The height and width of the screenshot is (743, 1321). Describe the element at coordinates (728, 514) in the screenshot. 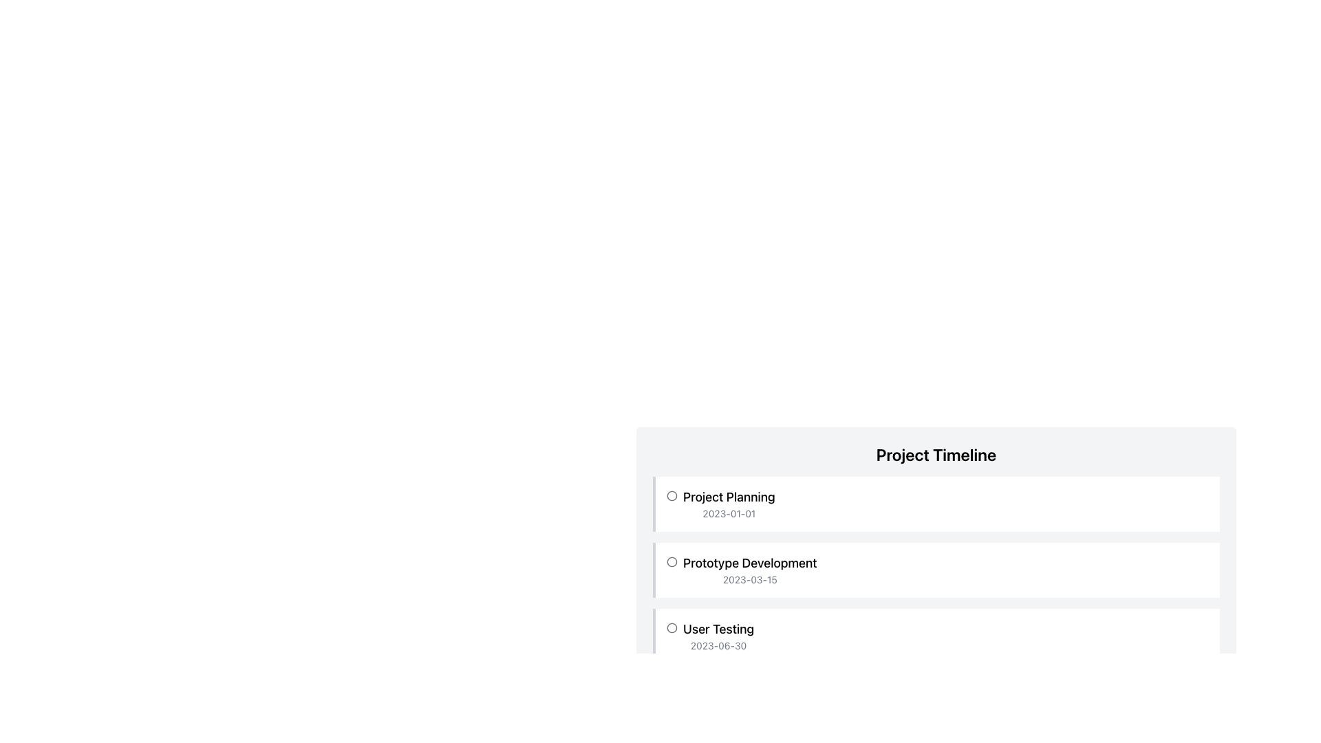

I see `the text label displaying the date '2023-01-01', which is styled in a small gray font and located below the main heading 'Project Planning'` at that location.